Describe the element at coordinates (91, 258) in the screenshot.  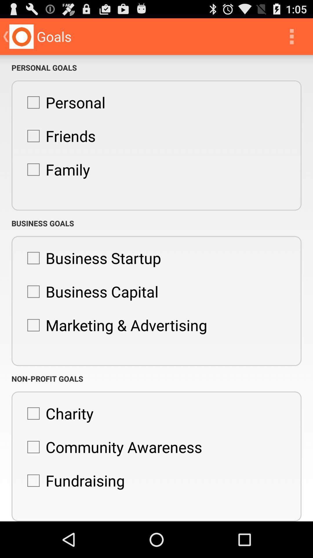
I see `business startup item` at that location.